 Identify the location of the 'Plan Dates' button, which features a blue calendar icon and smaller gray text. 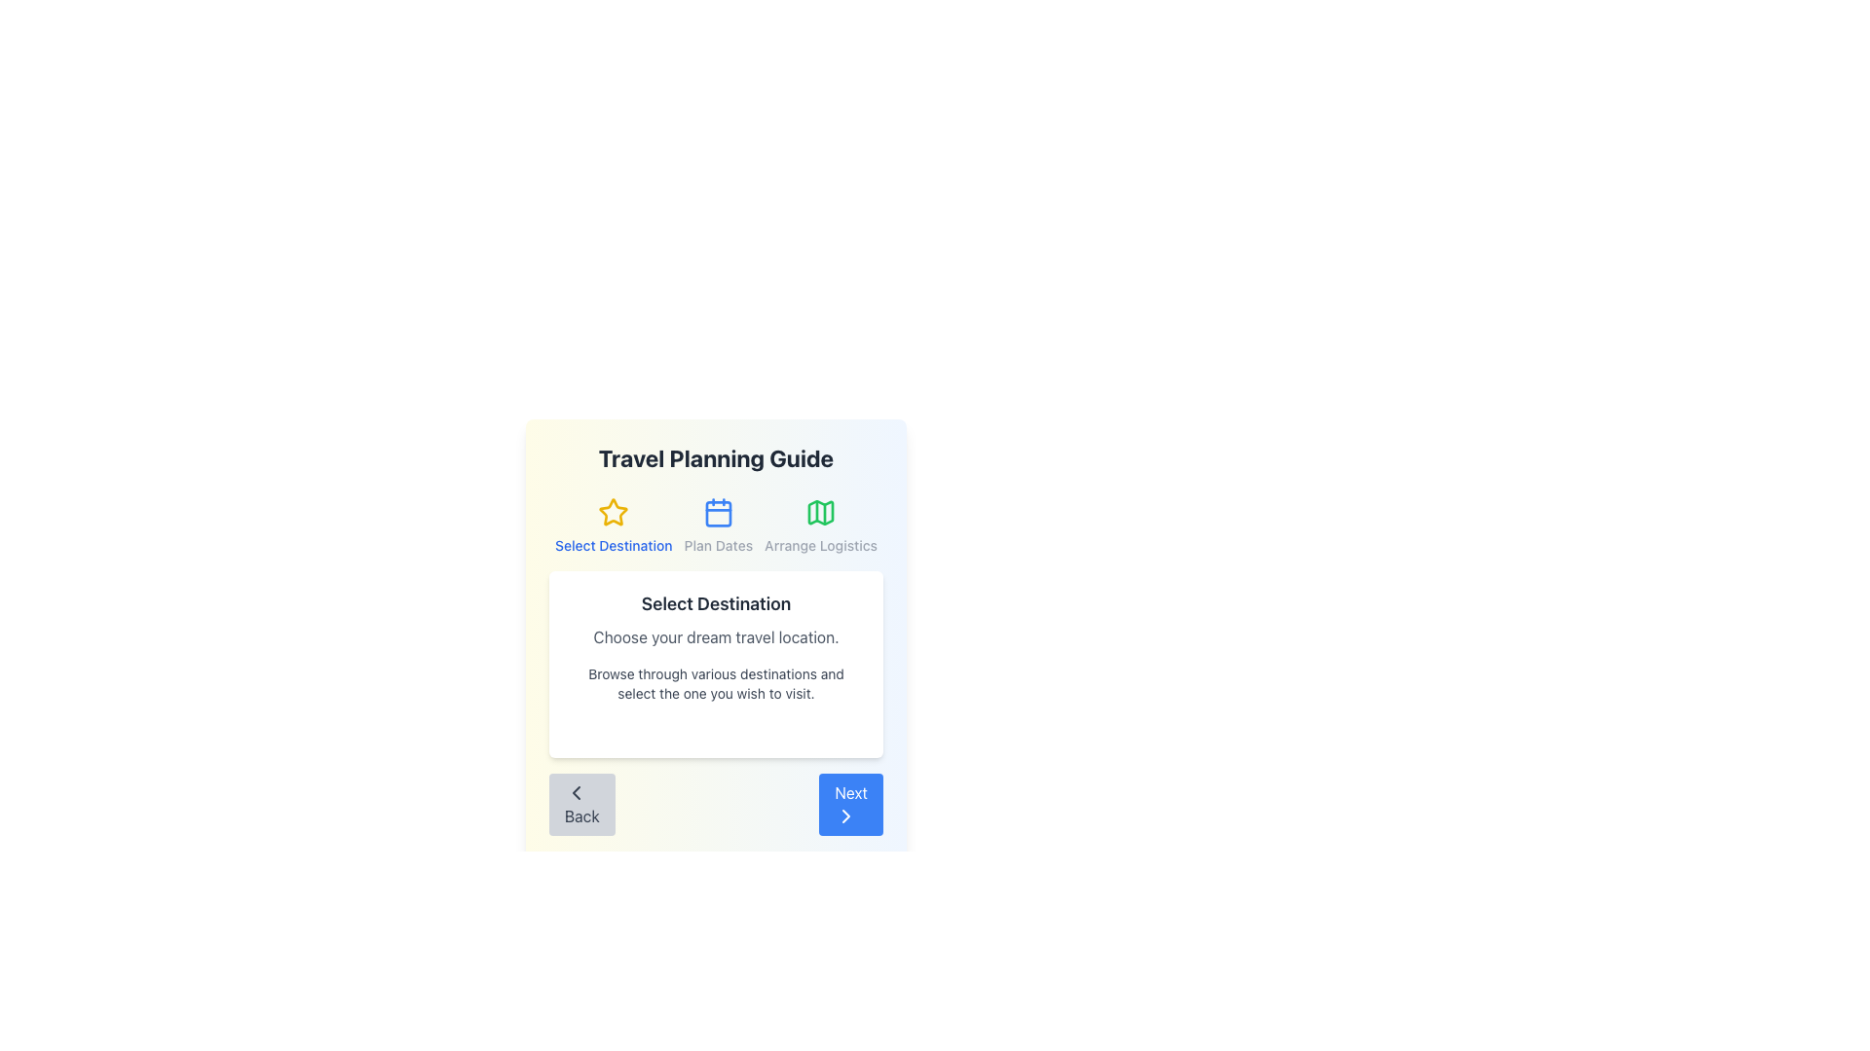
(717, 525).